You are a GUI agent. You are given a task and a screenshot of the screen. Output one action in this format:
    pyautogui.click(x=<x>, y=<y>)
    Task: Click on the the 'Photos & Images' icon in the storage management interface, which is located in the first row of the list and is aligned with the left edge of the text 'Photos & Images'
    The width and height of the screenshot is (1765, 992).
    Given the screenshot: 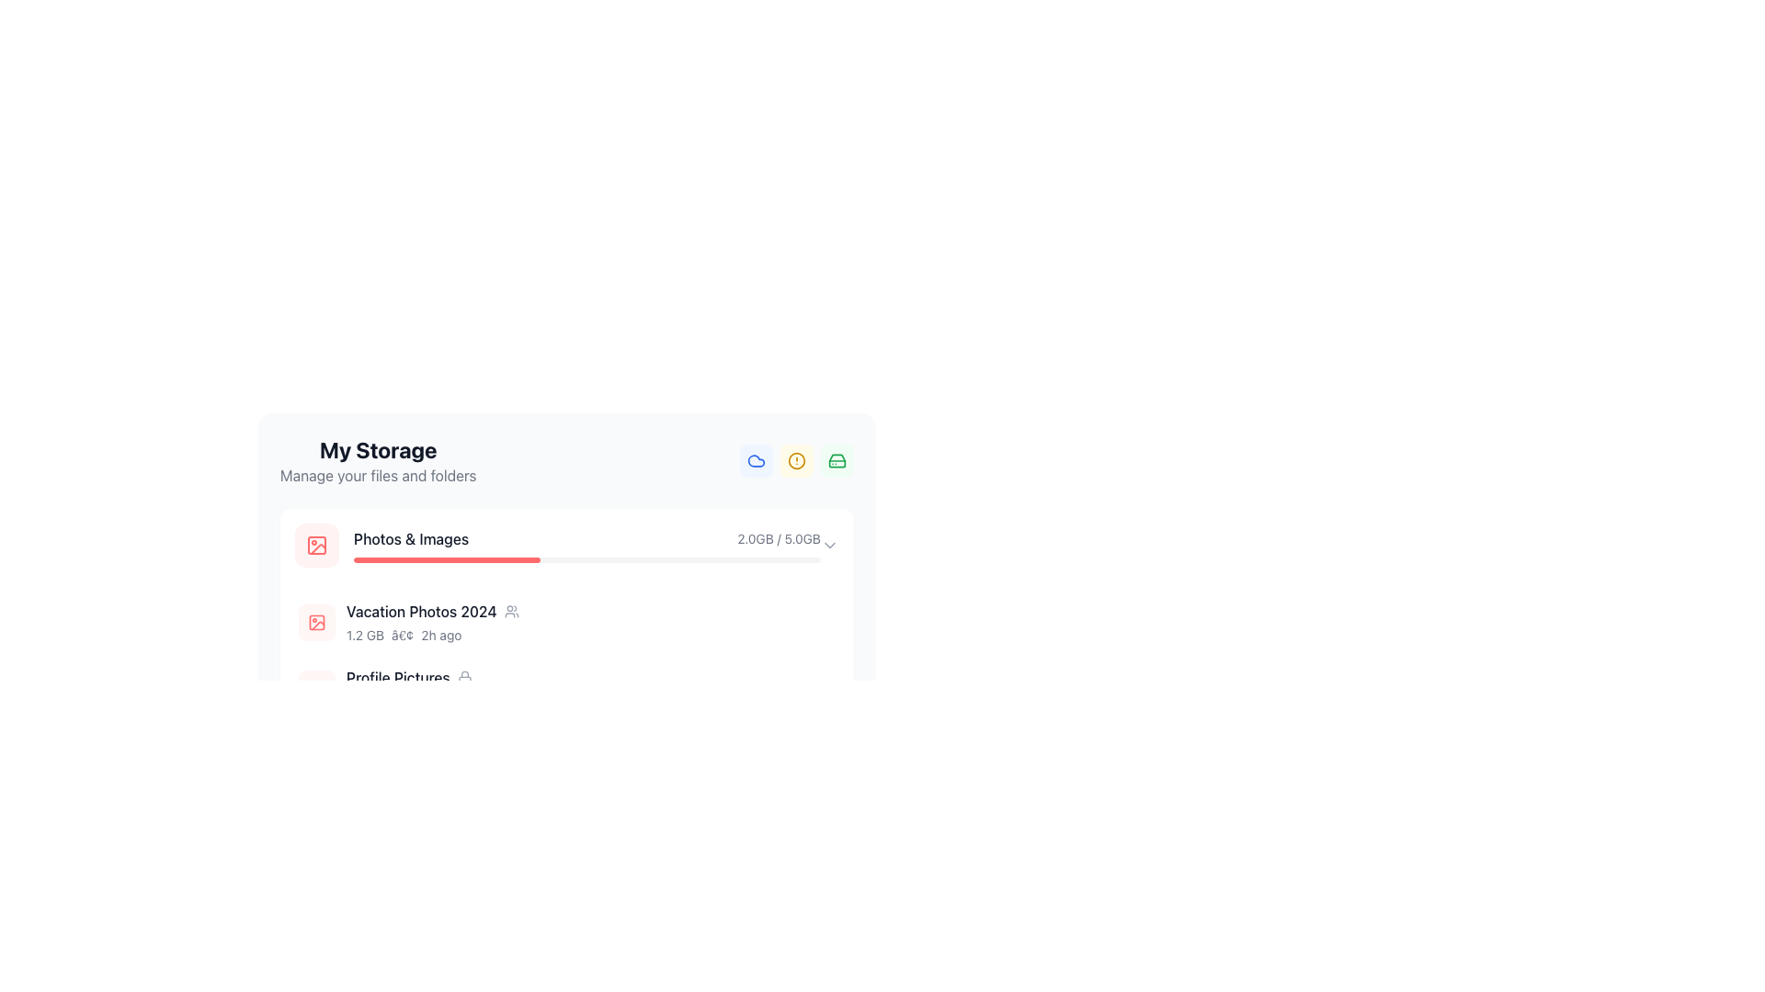 What is the action you would take?
    pyautogui.click(x=317, y=545)
    